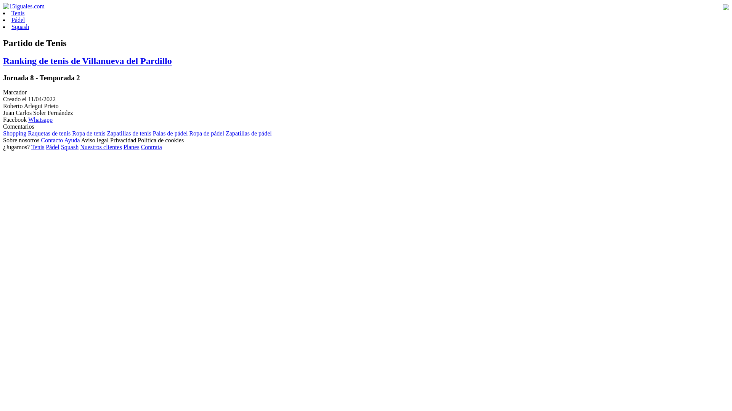 Image resolution: width=732 pixels, height=411 pixels. I want to click on 'Nuestros clientes', so click(100, 147).